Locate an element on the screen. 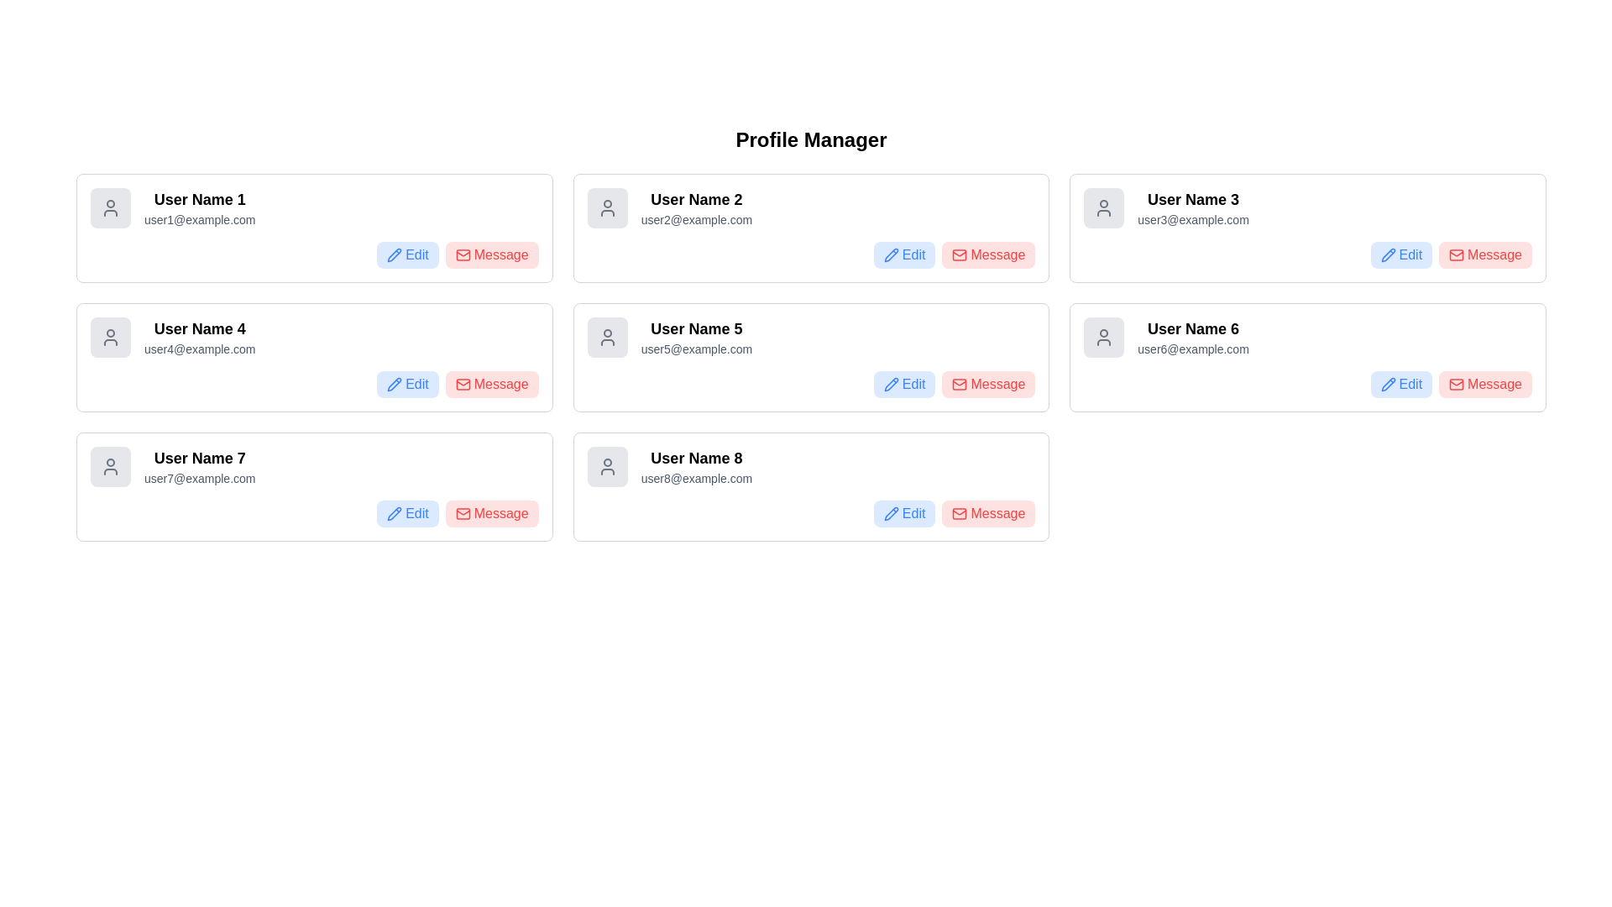 The image size is (1612, 907). the 'Edit' button associated with the editing icon for 'User Name 8' to initiate editing is located at coordinates (890, 513).